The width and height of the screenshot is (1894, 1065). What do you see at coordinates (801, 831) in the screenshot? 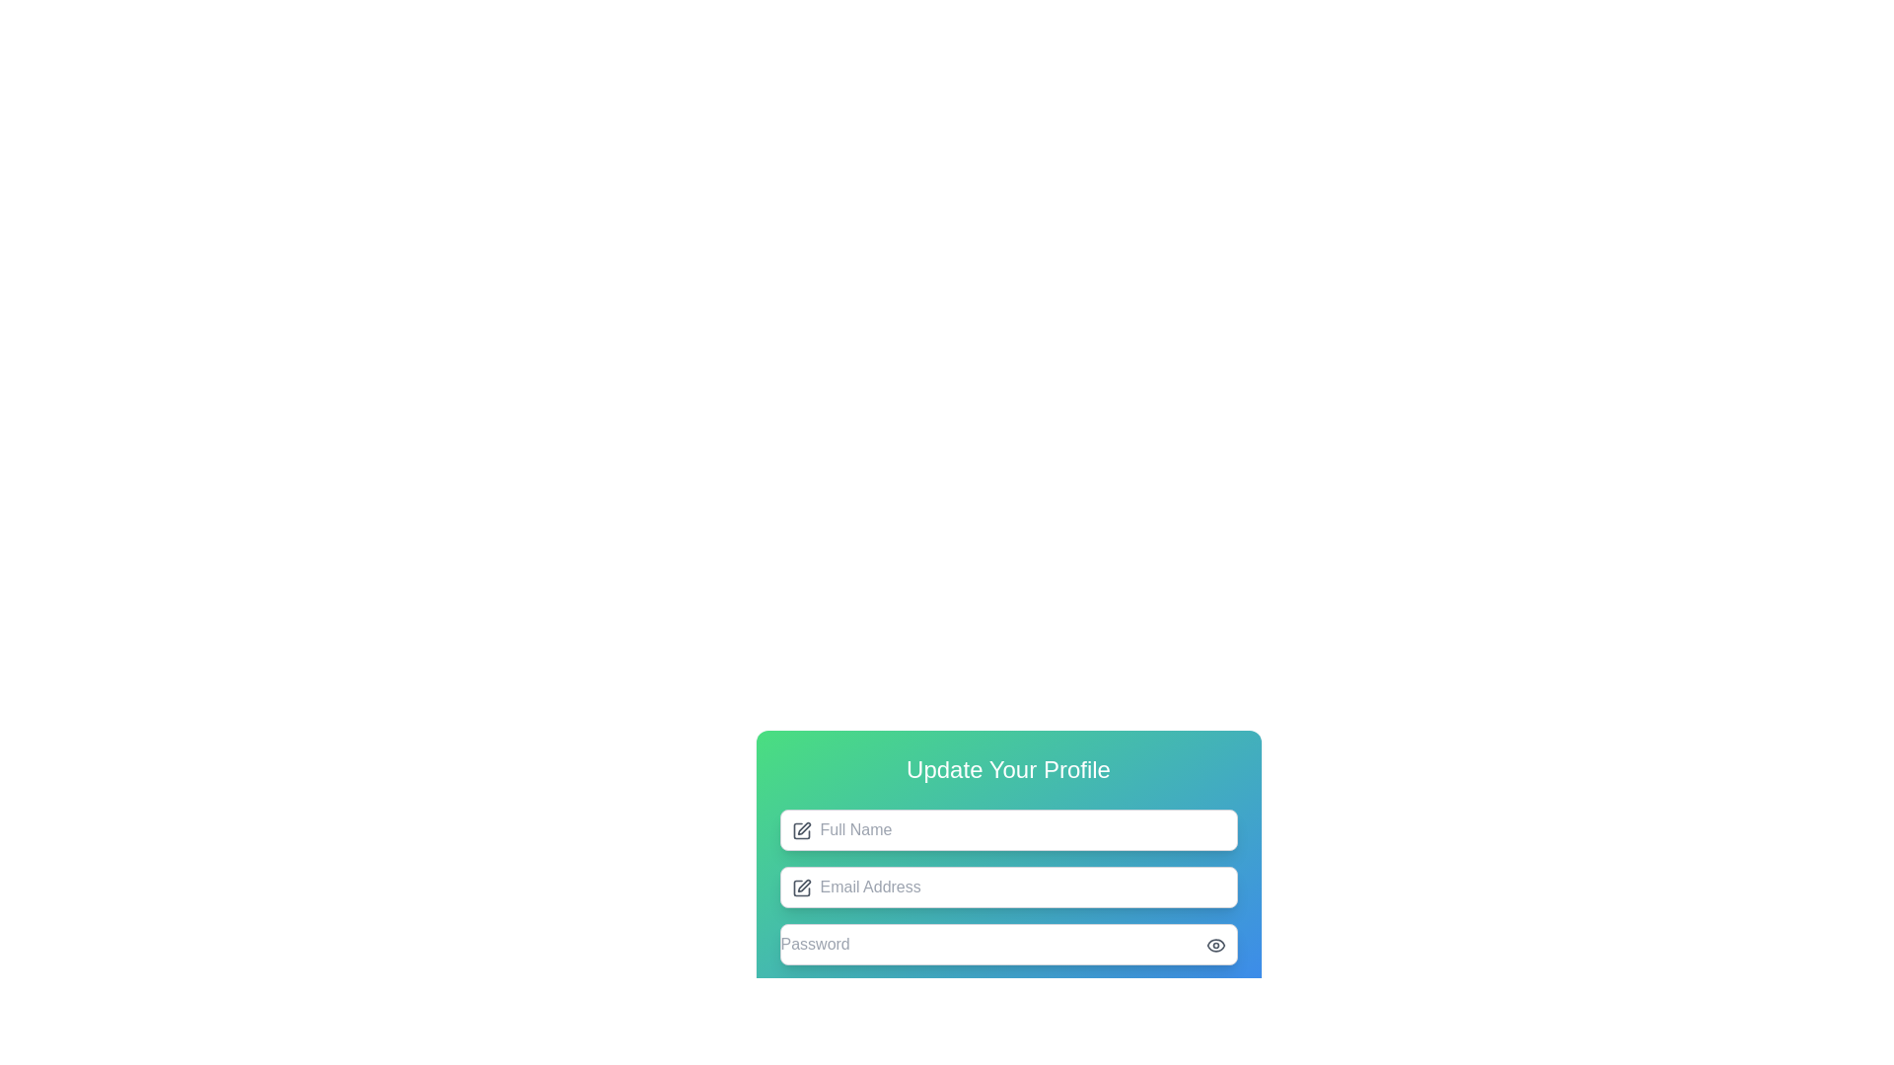
I see `the pencil icon located to the left of the 'Full Name' text input field as a visual cue in the 'Update Your Profile' form interface` at bounding box center [801, 831].